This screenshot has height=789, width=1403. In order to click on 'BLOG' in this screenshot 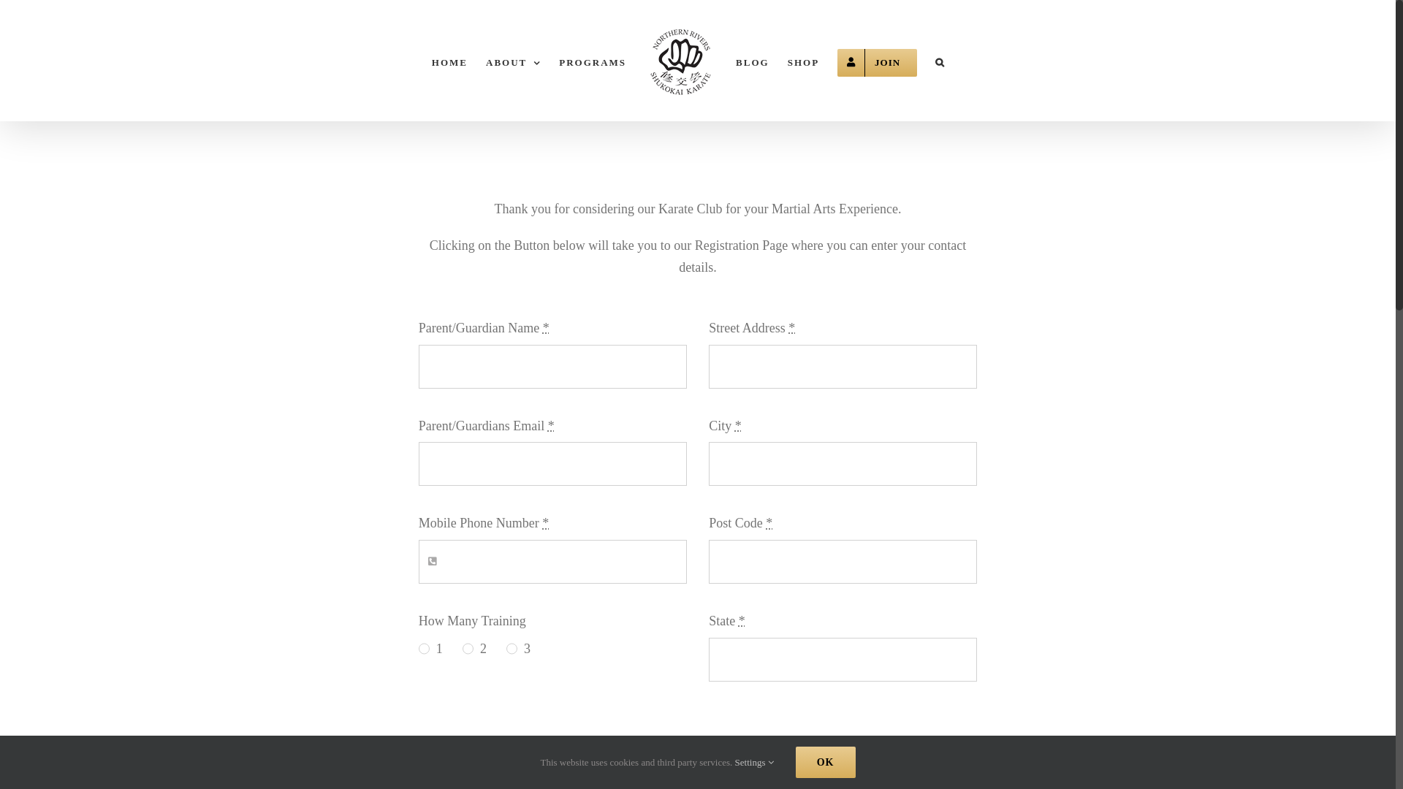, I will do `click(753, 60)`.